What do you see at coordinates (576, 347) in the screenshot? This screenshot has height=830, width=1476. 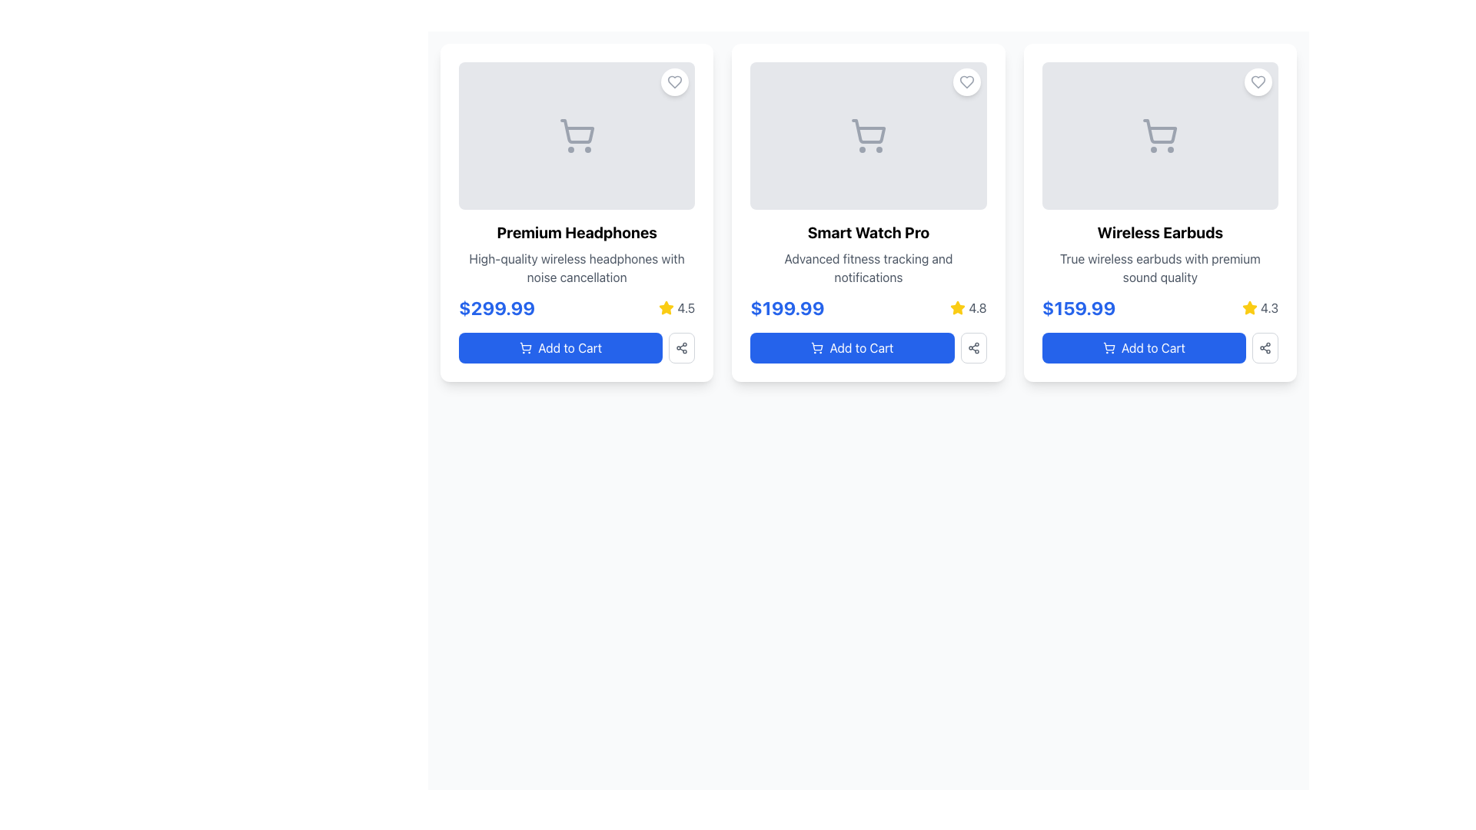 I see `the 'Add to Cart' button with a blue background and white text, located below the product description for 'Premium Headphones'` at bounding box center [576, 347].